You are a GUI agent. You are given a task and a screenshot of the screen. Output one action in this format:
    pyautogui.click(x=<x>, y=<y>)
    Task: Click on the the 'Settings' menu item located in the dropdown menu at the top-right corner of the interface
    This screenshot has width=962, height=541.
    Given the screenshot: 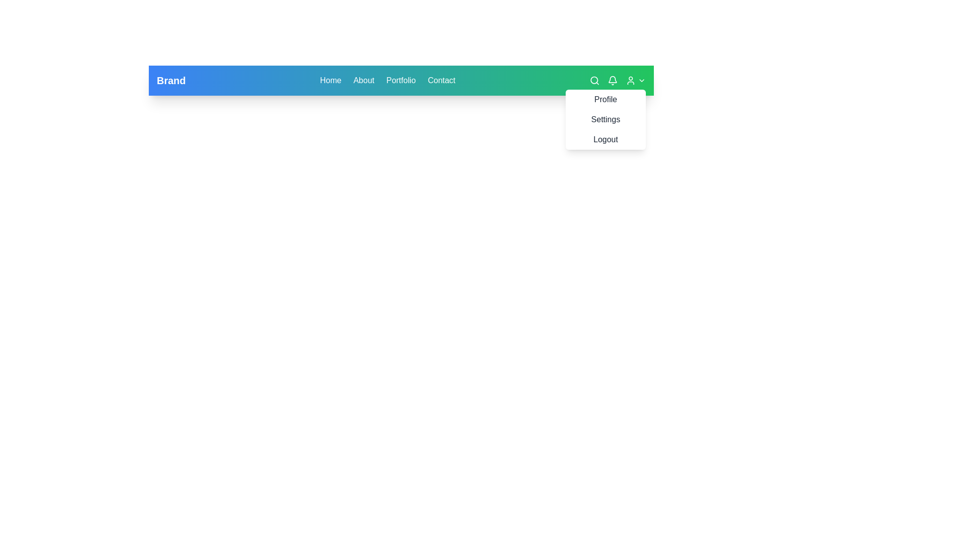 What is the action you would take?
    pyautogui.click(x=605, y=119)
    